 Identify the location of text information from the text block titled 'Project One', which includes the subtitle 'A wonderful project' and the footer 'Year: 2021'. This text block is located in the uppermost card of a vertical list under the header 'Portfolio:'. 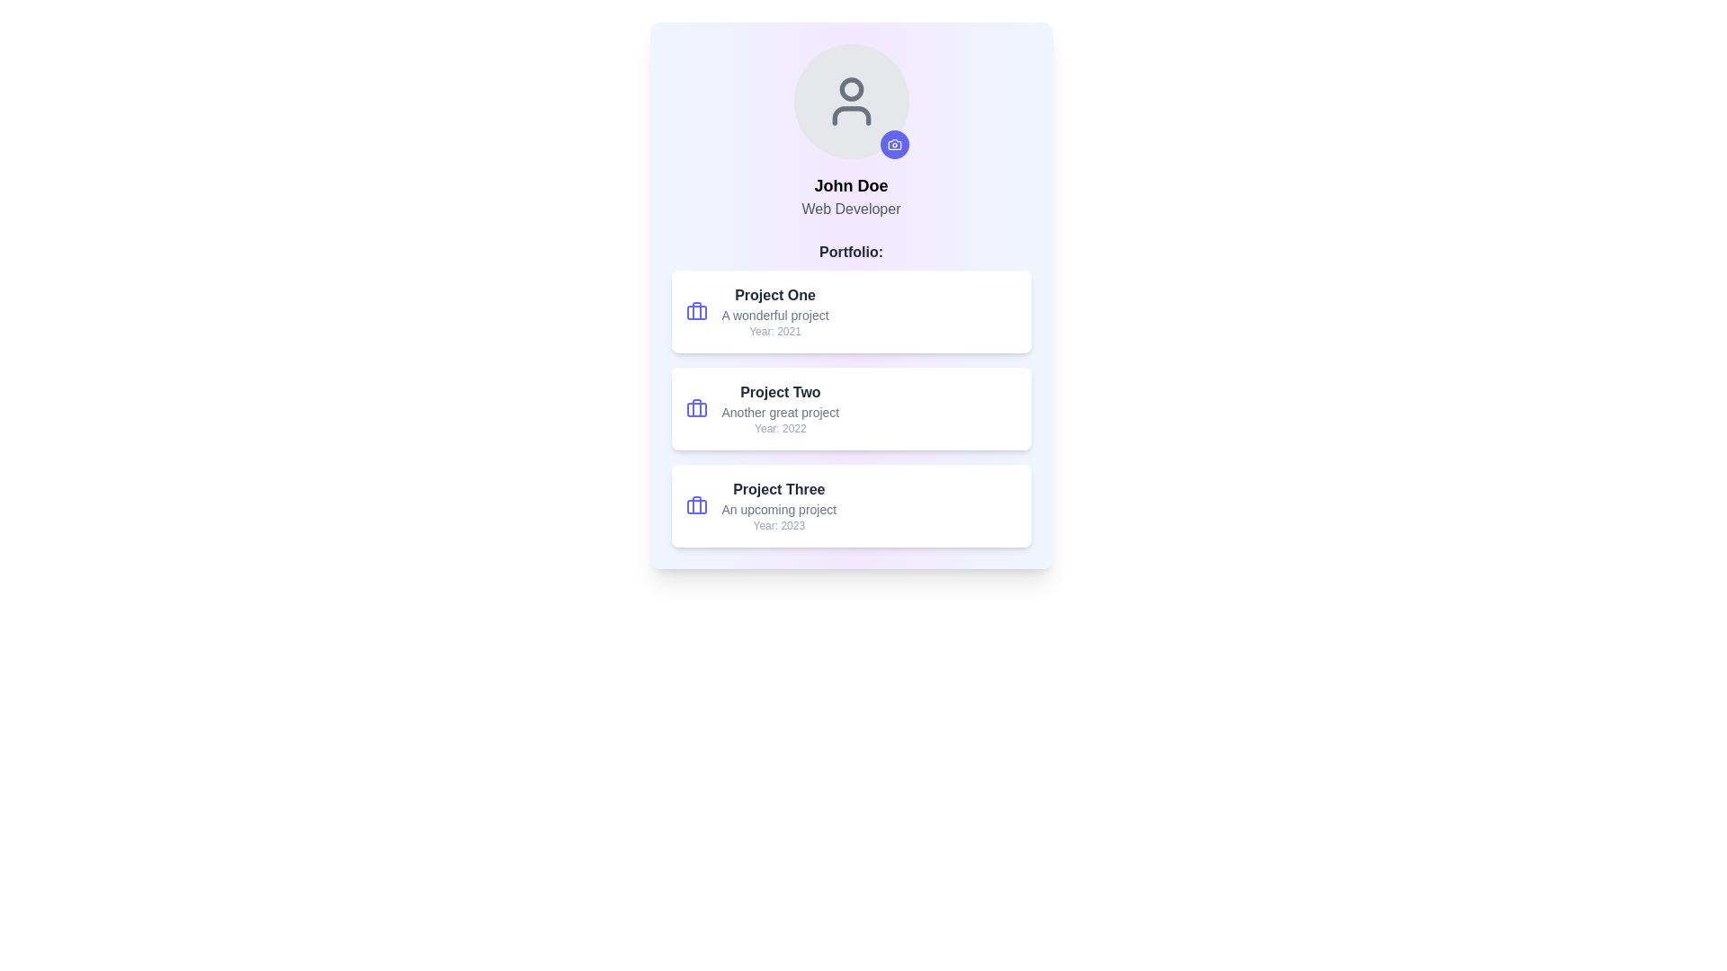
(775, 311).